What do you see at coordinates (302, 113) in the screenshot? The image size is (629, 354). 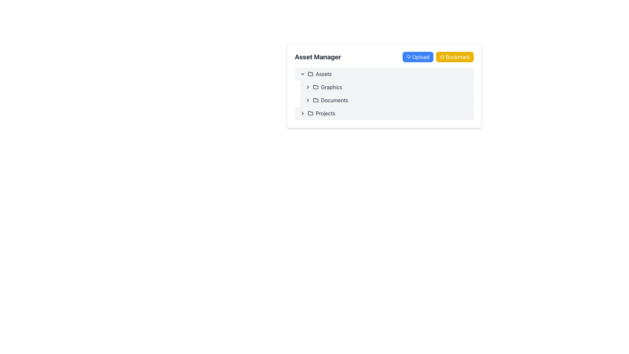 I see `the chevron icon located` at bounding box center [302, 113].